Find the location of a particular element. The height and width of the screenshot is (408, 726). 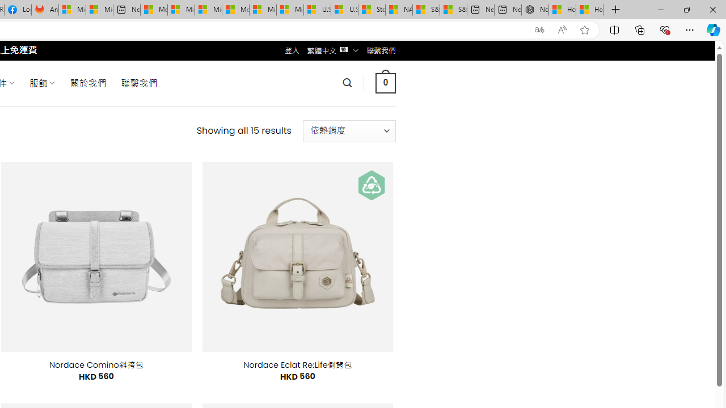

'Show translate options' is located at coordinates (539, 29).